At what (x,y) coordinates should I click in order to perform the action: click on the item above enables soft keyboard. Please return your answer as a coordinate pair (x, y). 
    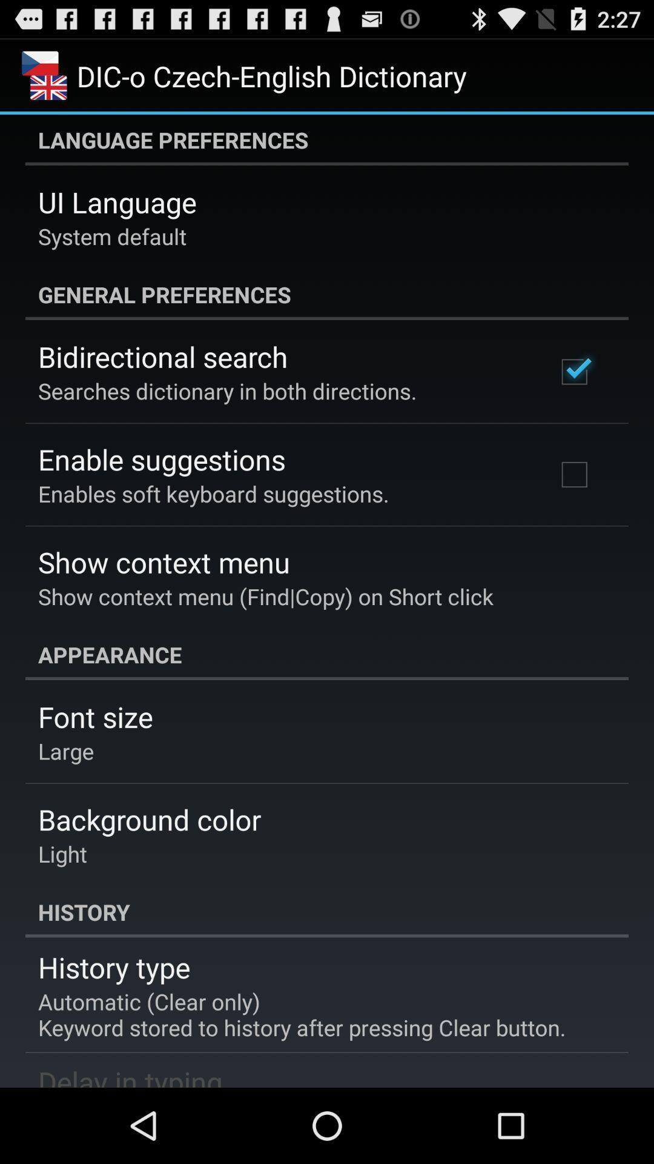
    Looking at the image, I should click on (161, 458).